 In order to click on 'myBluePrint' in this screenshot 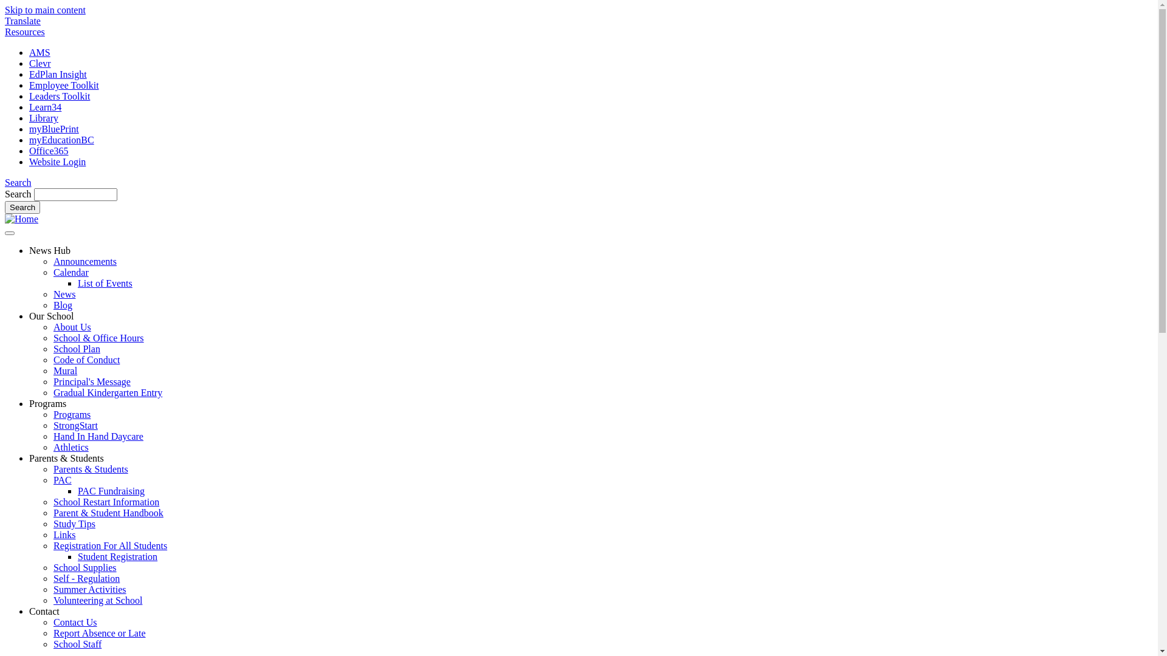, I will do `click(29, 129)`.